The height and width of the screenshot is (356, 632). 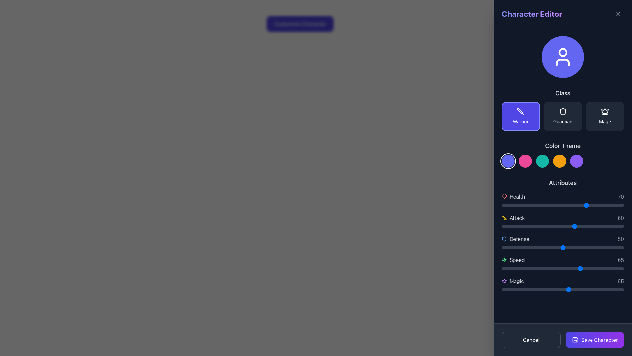 I want to click on the save button located at the bottom-right corner of the UI panel, so click(x=595, y=340).